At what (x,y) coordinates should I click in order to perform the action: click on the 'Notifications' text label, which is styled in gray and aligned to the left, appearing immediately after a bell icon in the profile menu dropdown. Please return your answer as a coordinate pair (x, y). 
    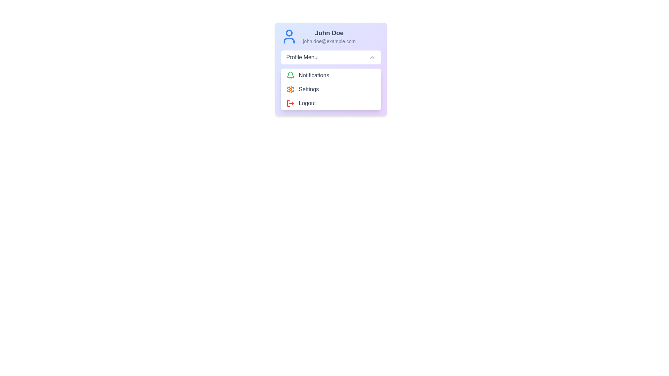
    Looking at the image, I should click on (314, 75).